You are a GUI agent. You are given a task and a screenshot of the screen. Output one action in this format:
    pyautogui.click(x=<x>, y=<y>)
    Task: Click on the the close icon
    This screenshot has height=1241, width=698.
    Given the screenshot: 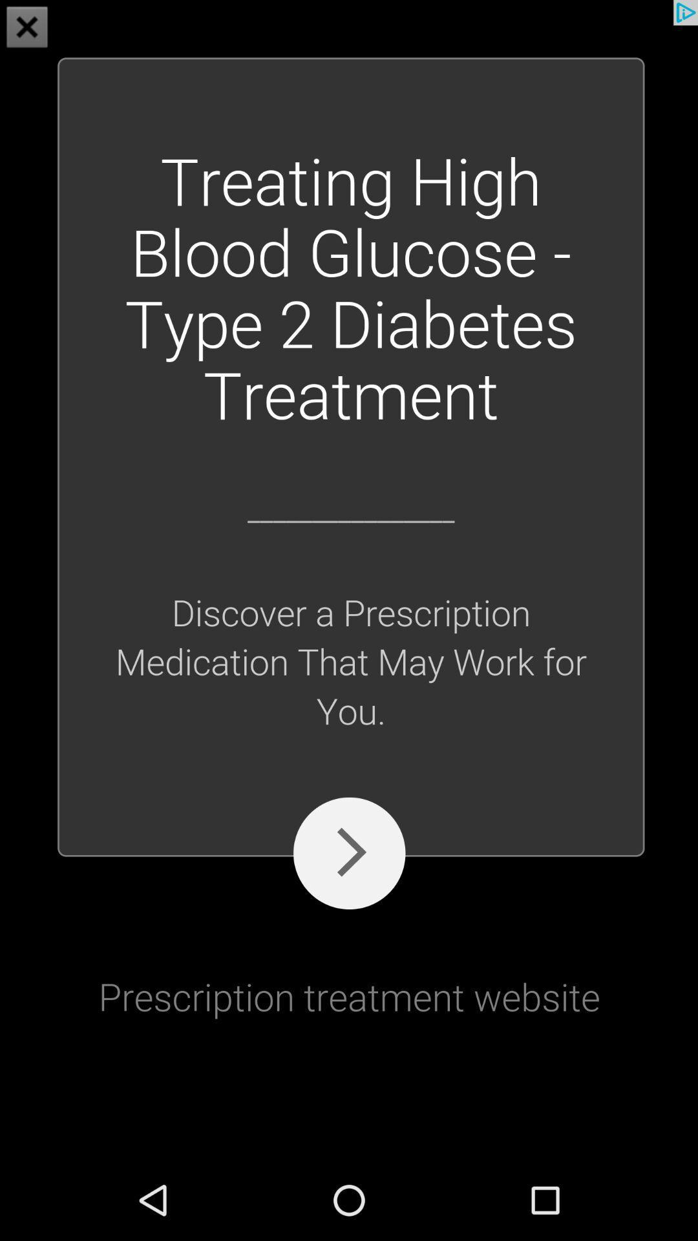 What is the action you would take?
    pyautogui.click(x=27, y=28)
    